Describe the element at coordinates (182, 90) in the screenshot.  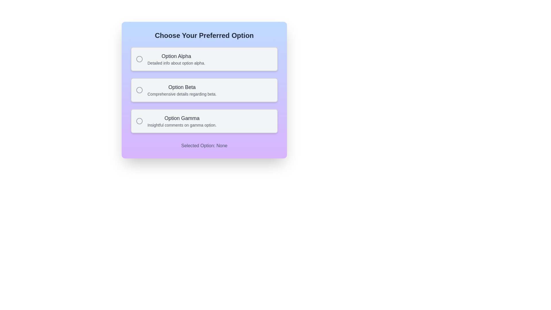
I see `textual UI component titled 'Option Beta' which contains the description 'Comprehensive details regarding beta.'` at that location.